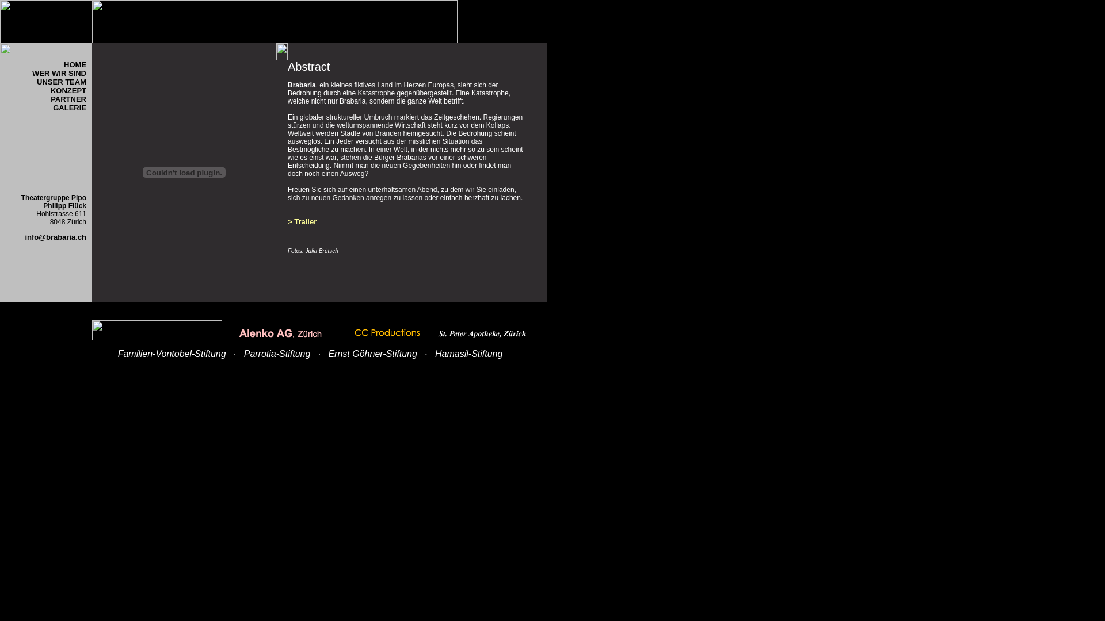 The height and width of the screenshot is (621, 1105). What do you see at coordinates (60, 86) in the screenshot?
I see `'UNSER TEAM'` at bounding box center [60, 86].